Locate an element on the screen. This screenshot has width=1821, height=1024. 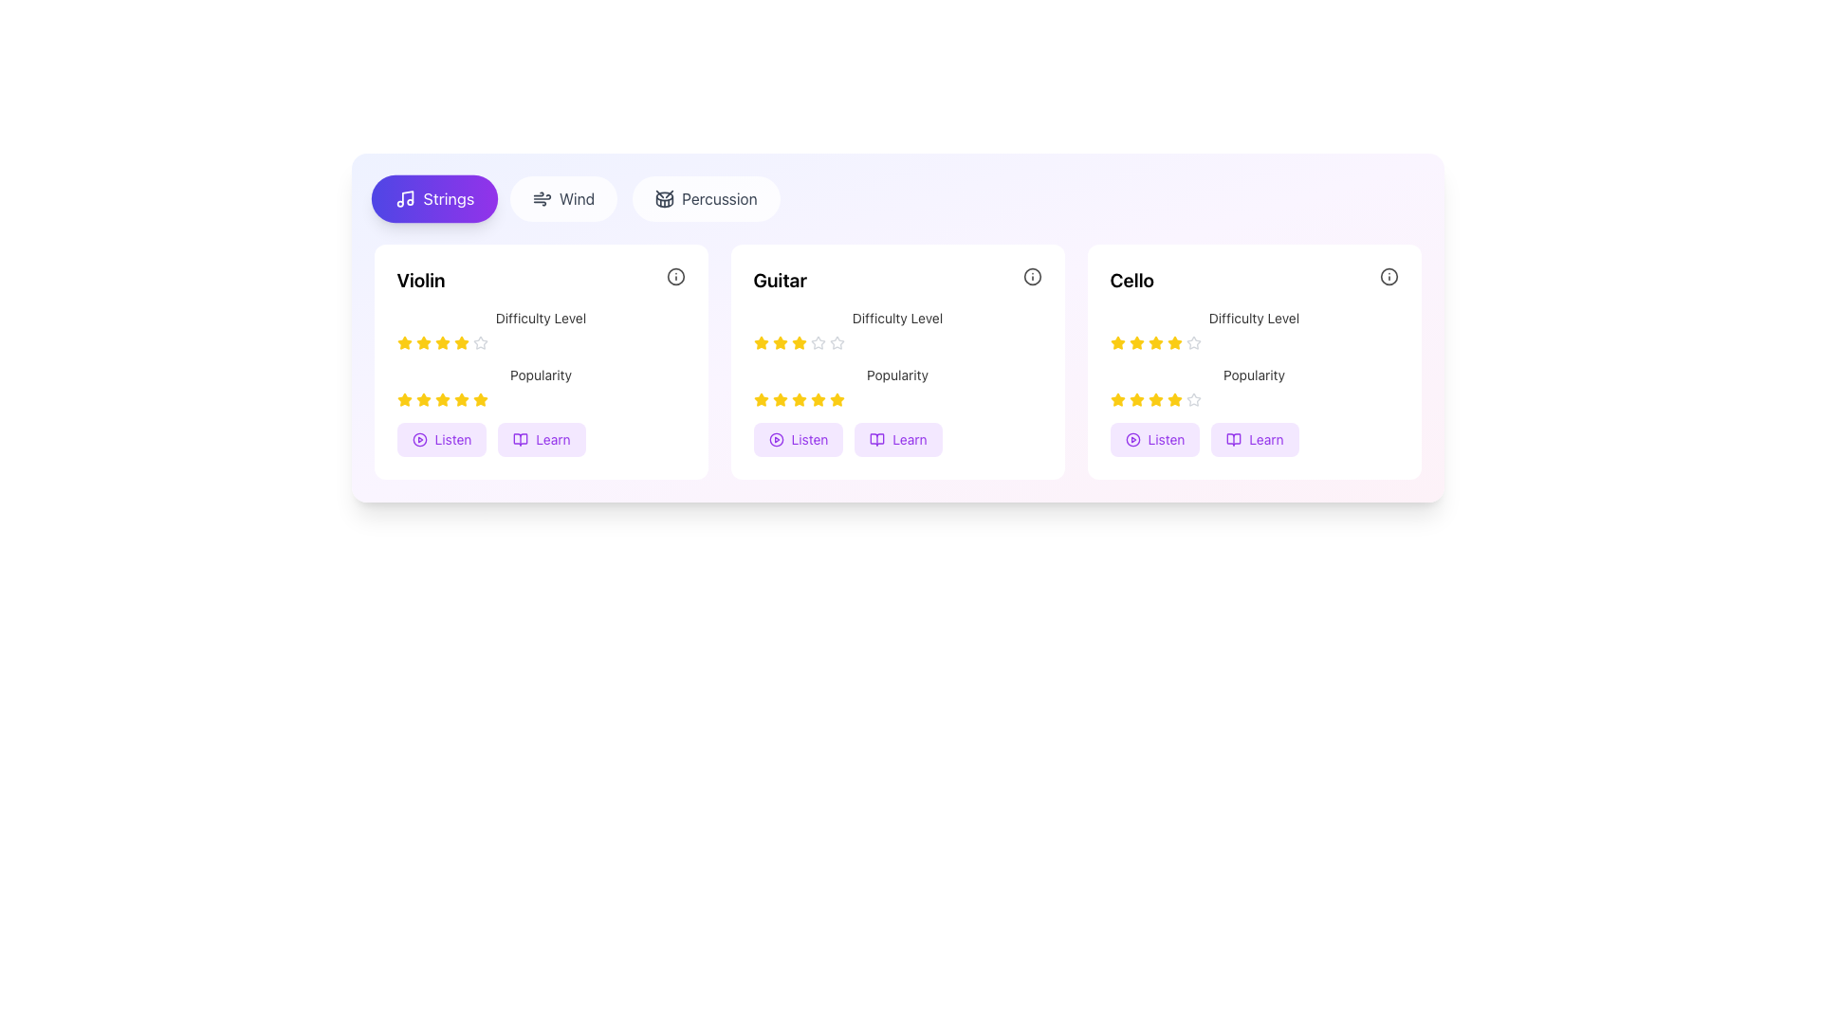
the fourth yellow star icon in the rating scale under the 'Difficulty Level' text in the 'Violin' card section is located at coordinates (441, 343).